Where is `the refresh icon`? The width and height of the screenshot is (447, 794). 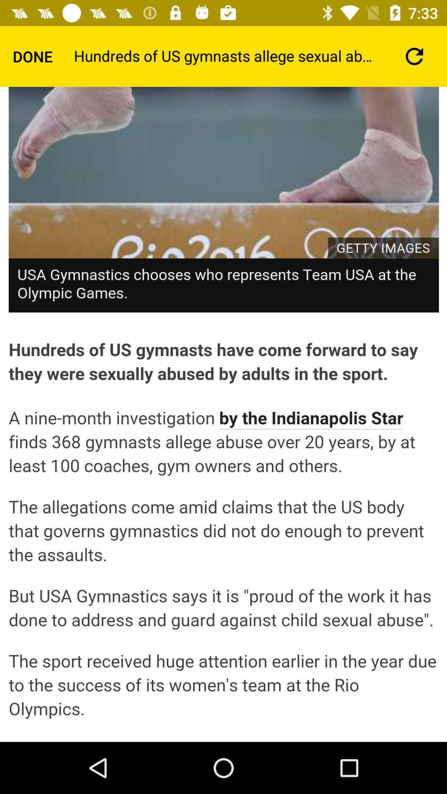
the refresh icon is located at coordinates (414, 56).